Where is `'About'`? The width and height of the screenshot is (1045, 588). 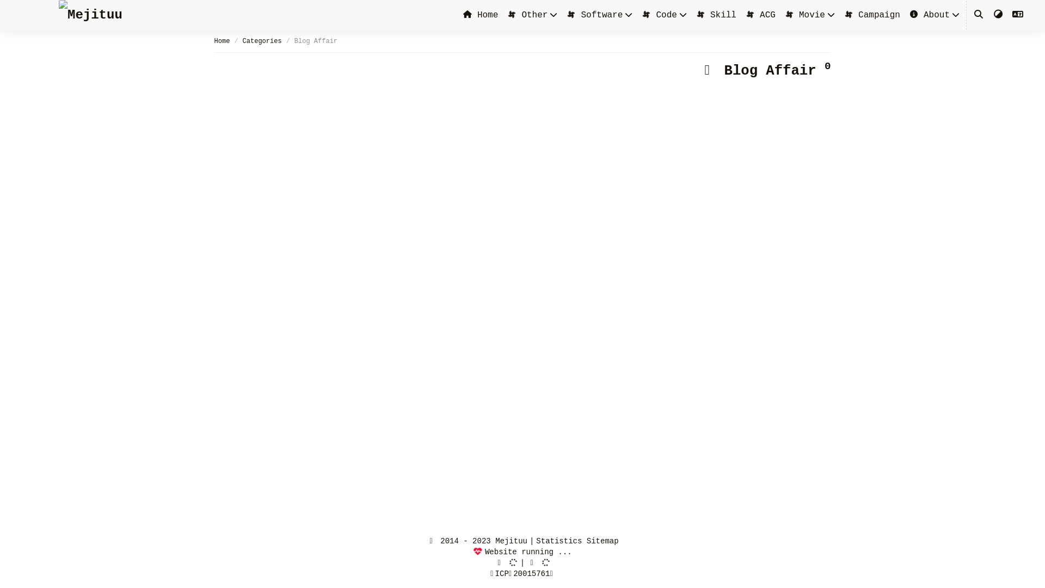
'About' is located at coordinates (909, 15).